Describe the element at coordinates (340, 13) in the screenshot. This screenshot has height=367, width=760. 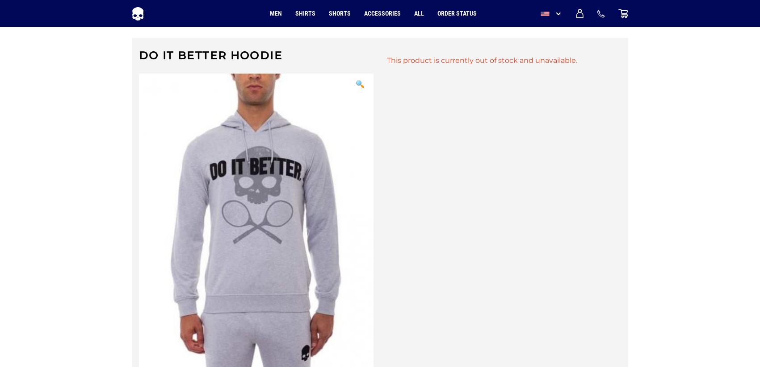
I see `'Shorts'` at that location.